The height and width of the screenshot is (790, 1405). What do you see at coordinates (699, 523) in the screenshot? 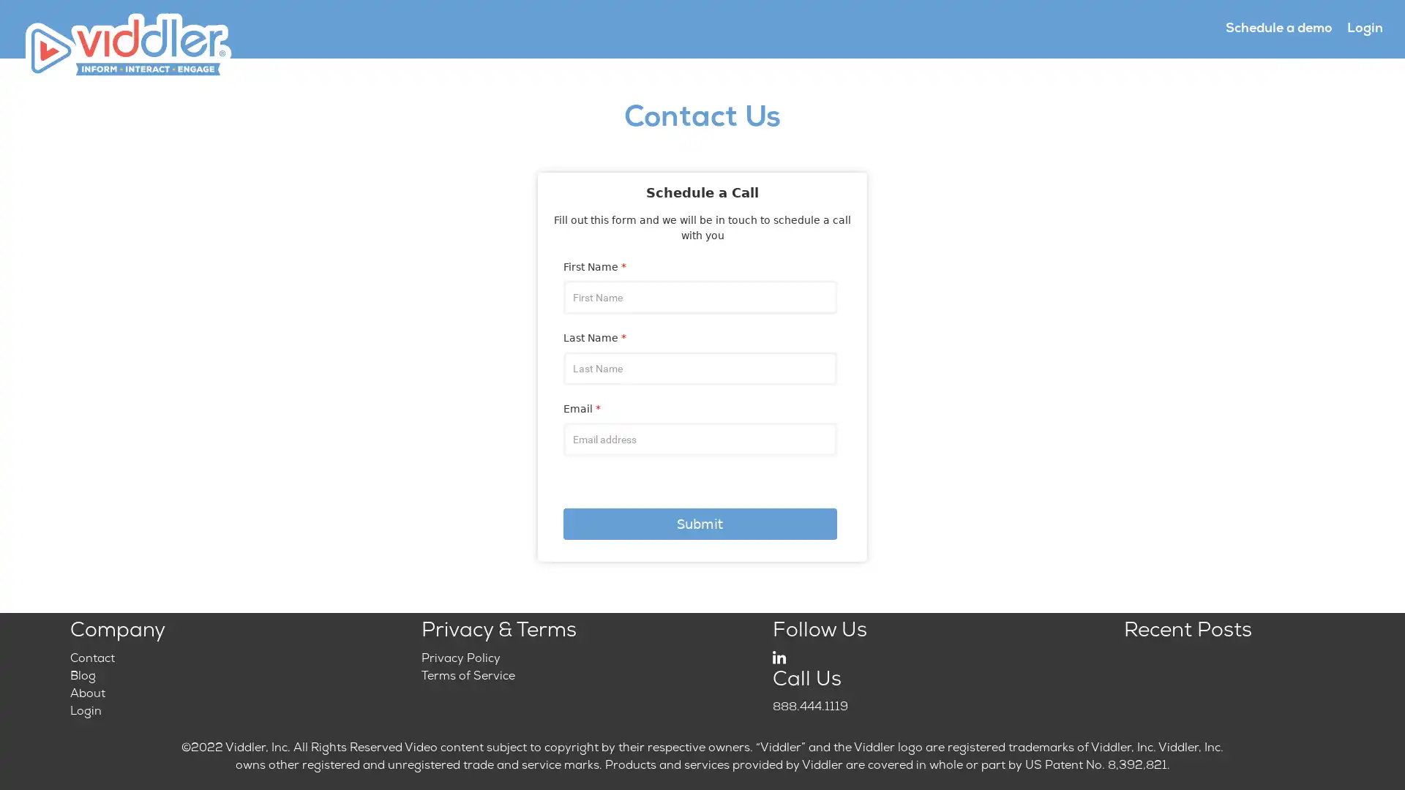
I see `Submit` at bounding box center [699, 523].